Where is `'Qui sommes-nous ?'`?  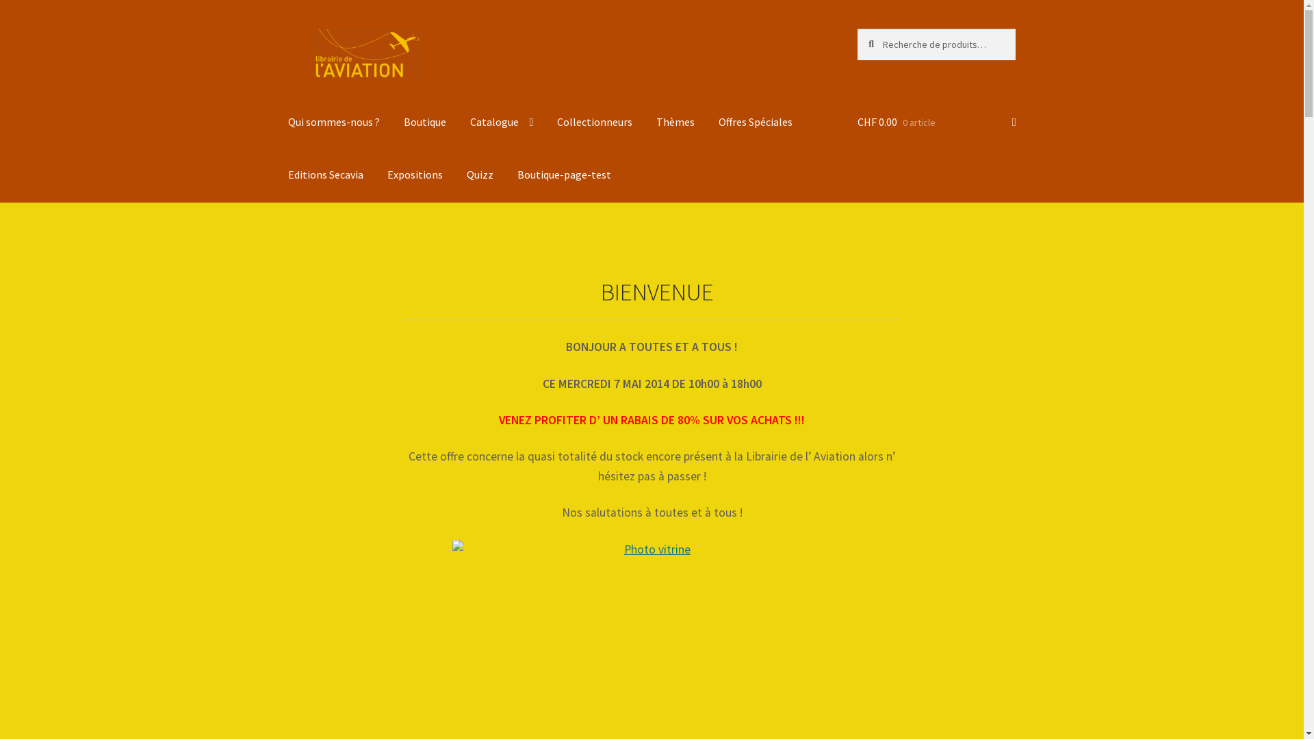
'Qui sommes-nous ?' is located at coordinates (334, 121).